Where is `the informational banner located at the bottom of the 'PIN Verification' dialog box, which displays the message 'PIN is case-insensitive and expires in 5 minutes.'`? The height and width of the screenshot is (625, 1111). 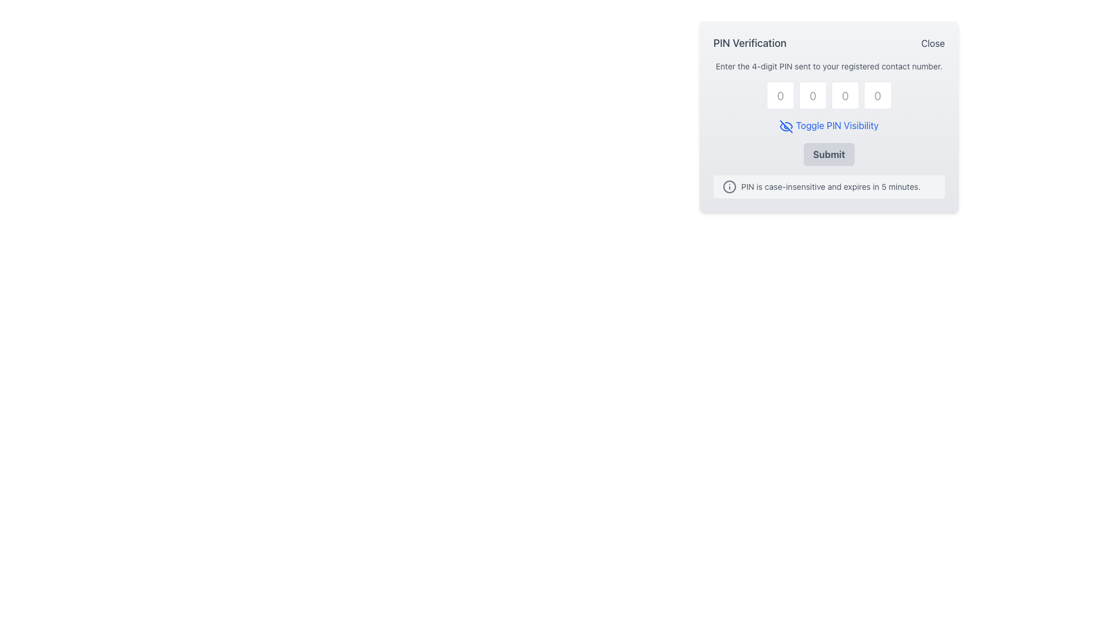 the informational banner located at the bottom of the 'PIN Verification' dialog box, which displays the message 'PIN is case-insensitive and expires in 5 minutes.' is located at coordinates (829, 185).